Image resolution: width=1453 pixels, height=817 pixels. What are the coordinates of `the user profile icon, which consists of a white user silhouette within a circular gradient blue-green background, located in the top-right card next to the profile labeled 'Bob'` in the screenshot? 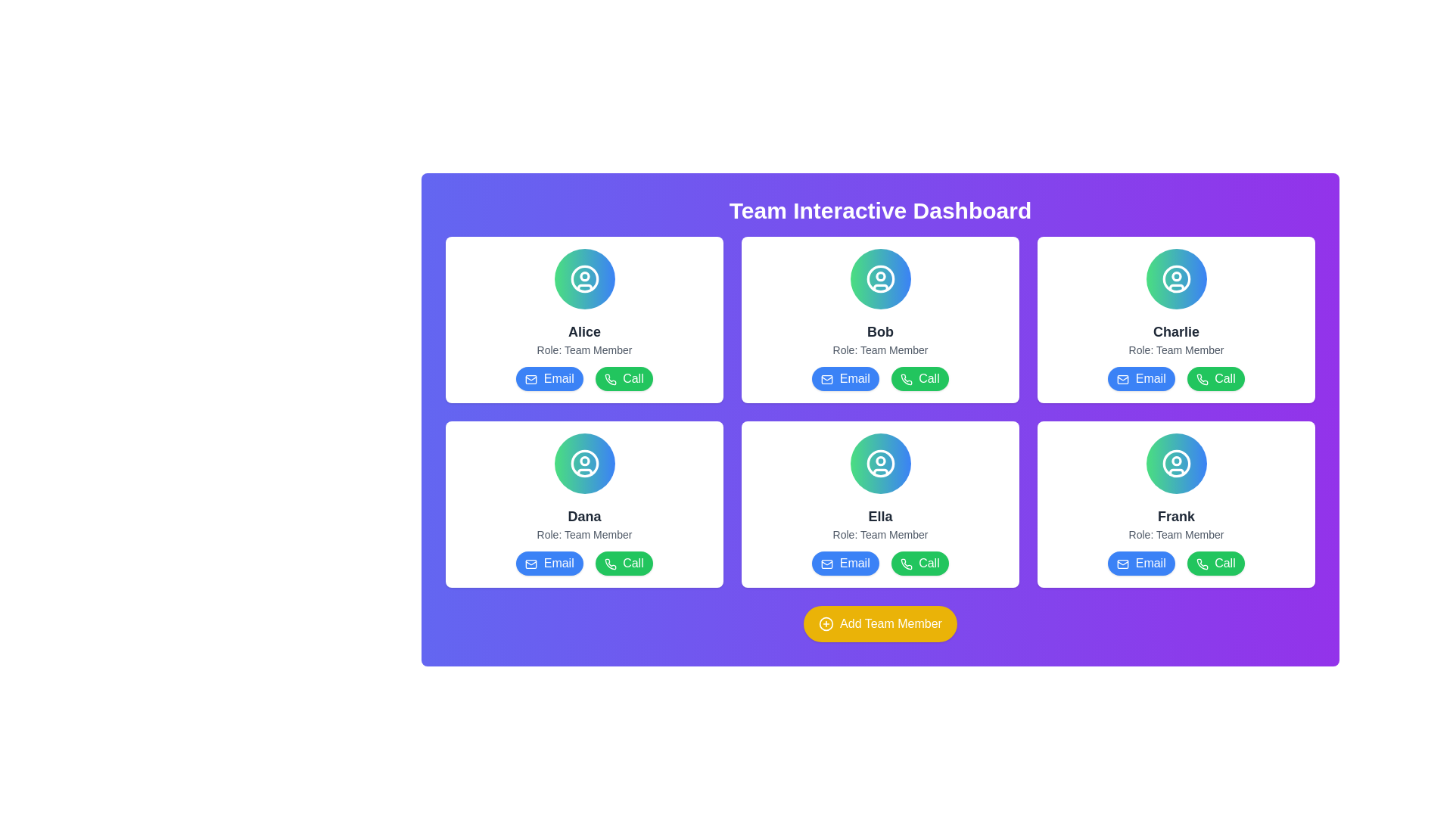 It's located at (880, 279).